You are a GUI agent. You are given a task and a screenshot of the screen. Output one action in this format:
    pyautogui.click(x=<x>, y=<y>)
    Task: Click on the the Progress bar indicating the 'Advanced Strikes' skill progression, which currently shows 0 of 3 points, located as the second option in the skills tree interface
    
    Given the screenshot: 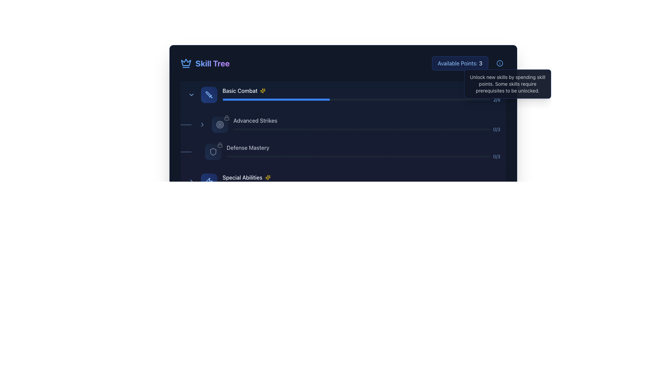 What is the action you would take?
    pyautogui.click(x=366, y=124)
    